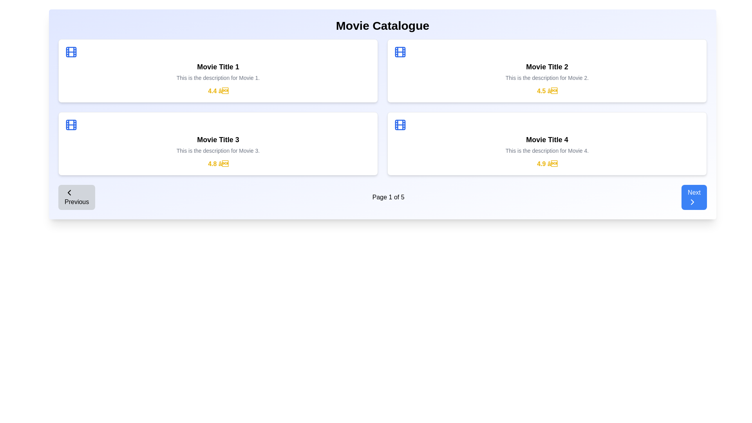 This screenshot has width=752, height=423. Describe the element at coordinates (546, 78) in the screenshot. I see `the static text element that provides a brief overview or additional information for 'Movie Title 2', located just below the title and above the rating section` at that location.